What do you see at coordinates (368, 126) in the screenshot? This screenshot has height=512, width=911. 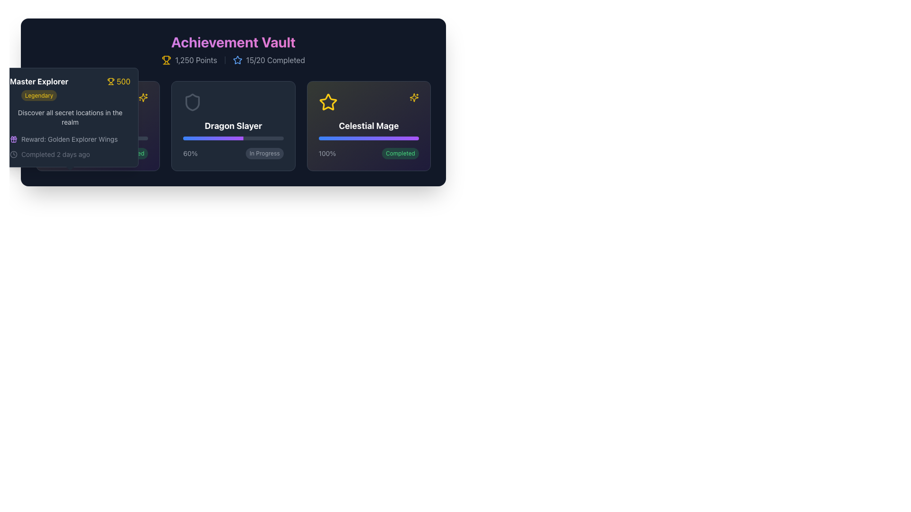 I see `the title 'Celestial Mage' displayed in the text label located at the top of the card on the right side of a three-card layout` at bounding box center [368, 126].